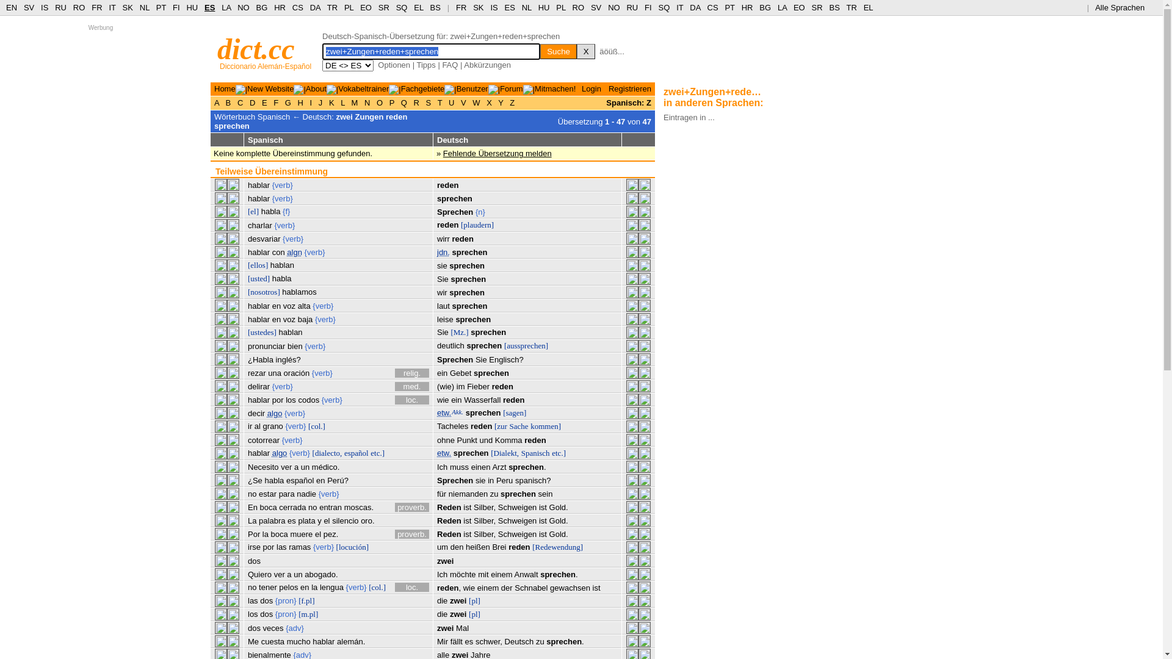 The height and width of the screenshot is (659, 1172). Describe the element at coordinates (466, 520) in the screenshot. I see `'ist'` at that location.